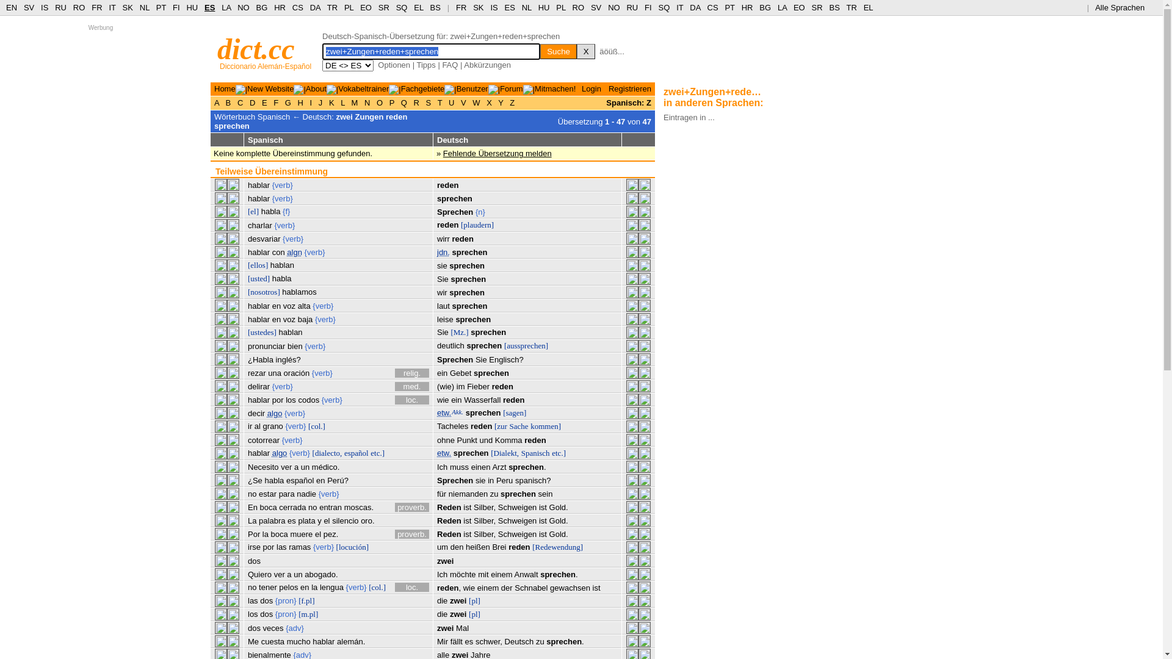 The height and width of the screenshot is (659, 1172). Describe the element at coordinates (466, 520) in the screenshot. I see `'ist'` at that location.